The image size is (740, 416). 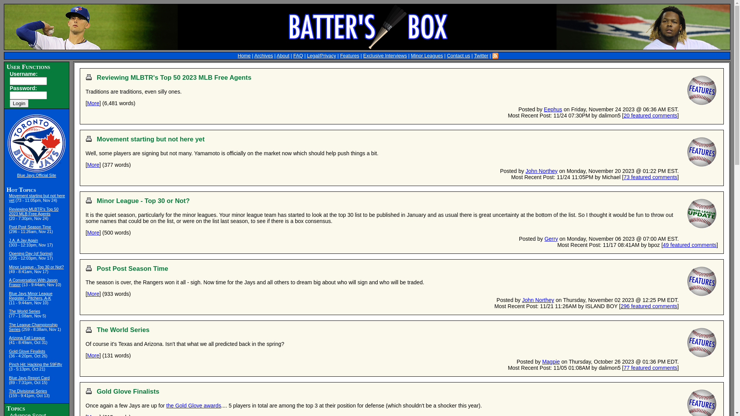 What do you see at coordinates (89, 77) in the screenshot?
I see `'Printable Story Format'` at bounding box center [89, 77].